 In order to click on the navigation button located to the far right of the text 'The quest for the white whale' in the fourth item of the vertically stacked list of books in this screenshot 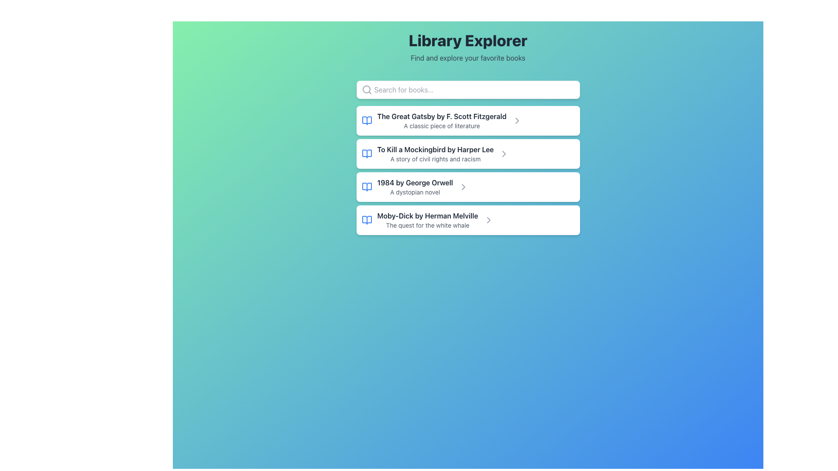, I will do `click(488, 220)`.